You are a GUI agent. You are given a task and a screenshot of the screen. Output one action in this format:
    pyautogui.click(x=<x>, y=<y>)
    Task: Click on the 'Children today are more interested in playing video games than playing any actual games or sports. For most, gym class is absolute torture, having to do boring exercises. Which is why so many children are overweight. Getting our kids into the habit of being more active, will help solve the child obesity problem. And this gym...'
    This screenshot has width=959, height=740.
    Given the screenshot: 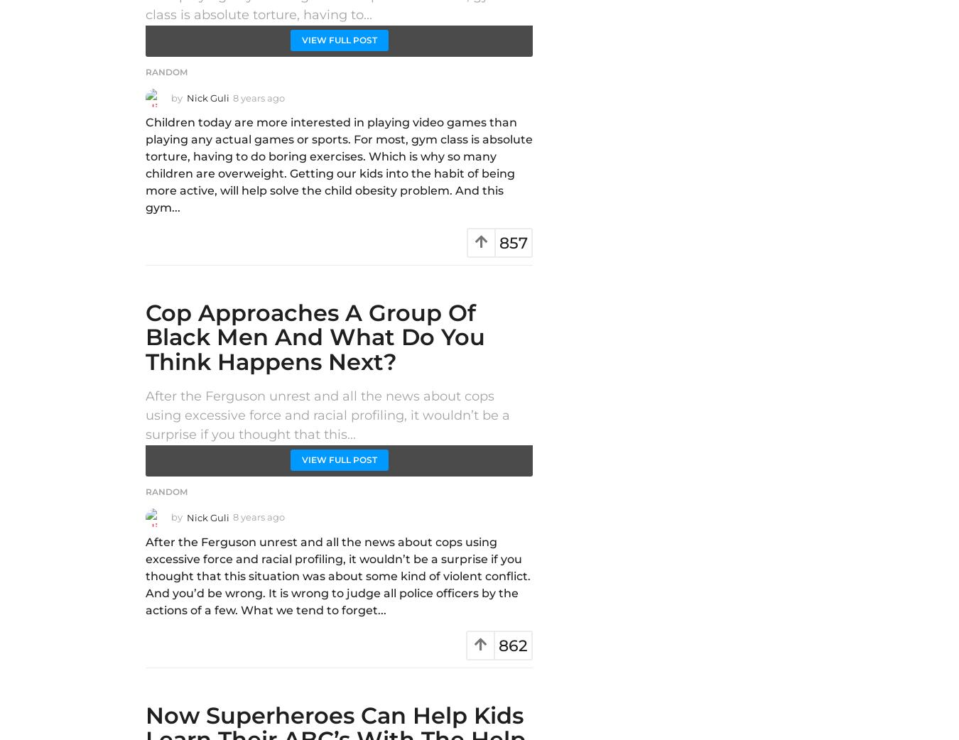 What is the action you would take?
    pyautogui.click(x=338, y=164)
    